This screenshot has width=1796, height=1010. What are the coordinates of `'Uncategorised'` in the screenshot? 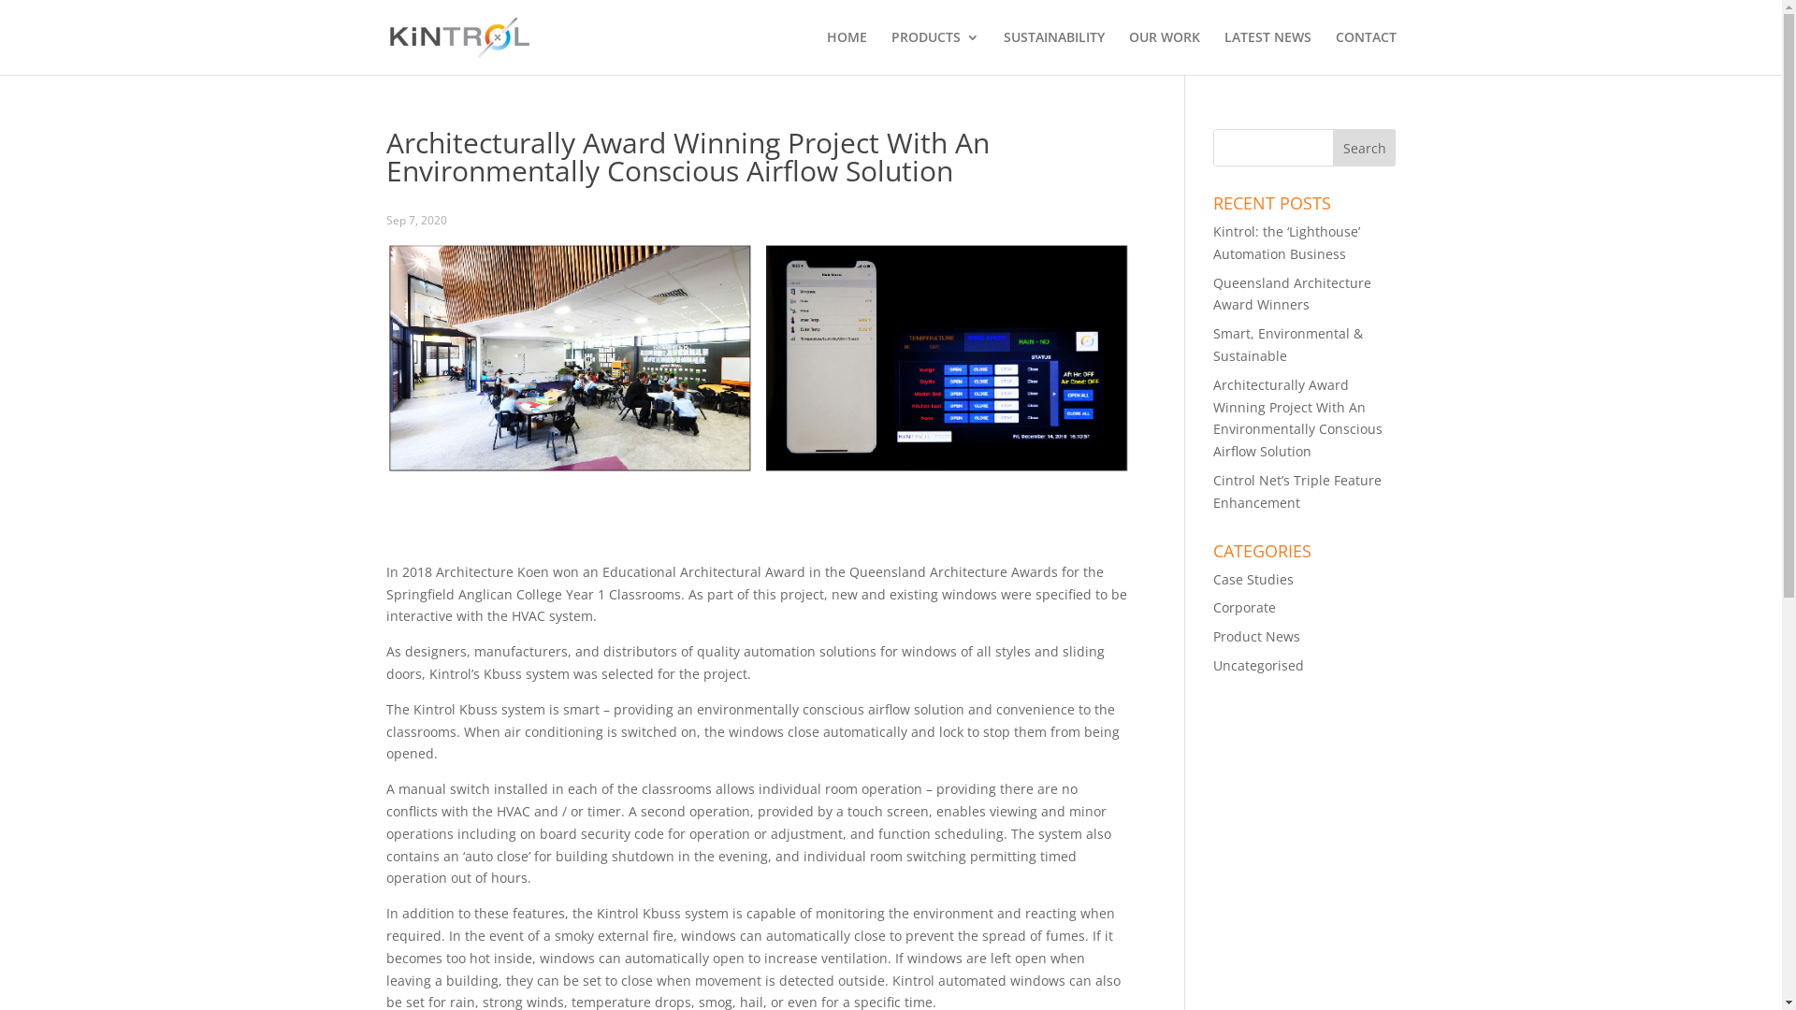 It's located at (1258, 664).